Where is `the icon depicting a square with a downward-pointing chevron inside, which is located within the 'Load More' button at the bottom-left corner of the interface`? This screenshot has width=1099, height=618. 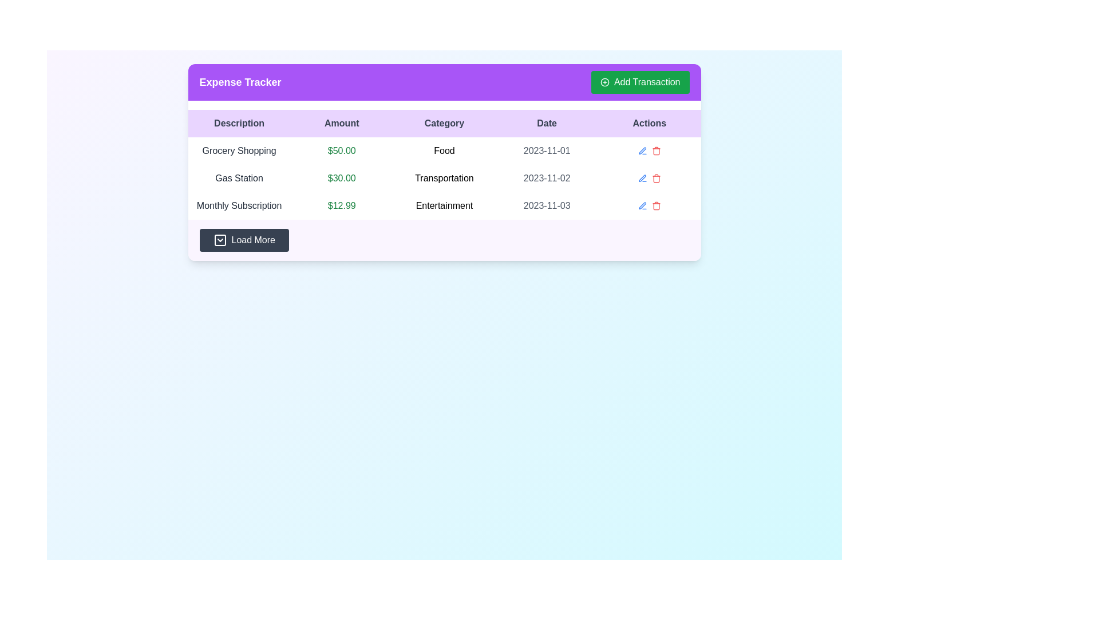 the icon depicting a square with a downward-pointing chevron inside, which is located within the 'Load More' button at the bottom-left corner of the interface is located at coordinates (220, 240).